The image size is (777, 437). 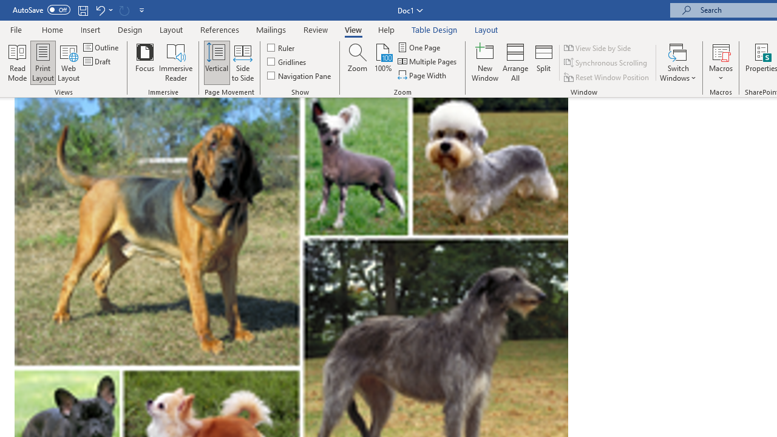 I want to click on 'Page Width', so click(x=422, y=75).